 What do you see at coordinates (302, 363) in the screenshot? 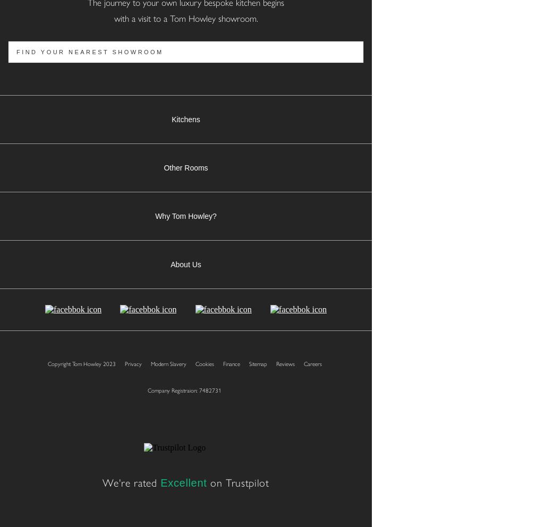
I see `'Careers'` at bounding box center [302, 363].